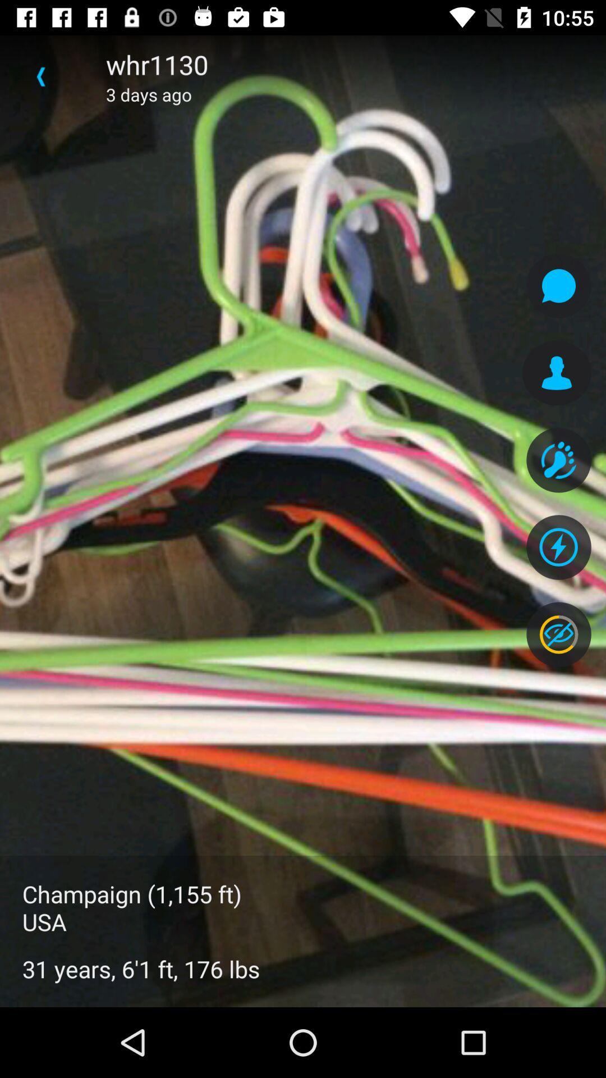  Describe the element at coordinates (40, 76) in the screenshot. I see `icon next to whr1130` at that location.